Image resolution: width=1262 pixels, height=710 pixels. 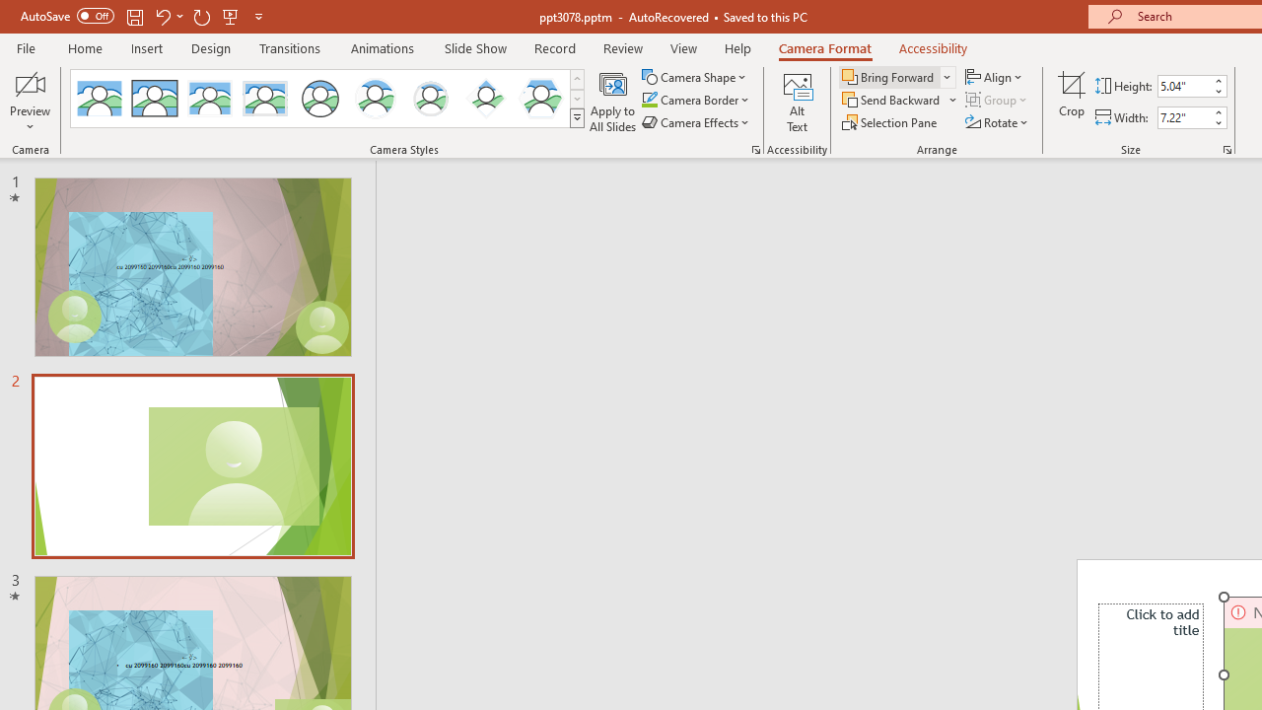 I want to click on 'Camera Border Green, Accent 1', so click(x=649, y=100).